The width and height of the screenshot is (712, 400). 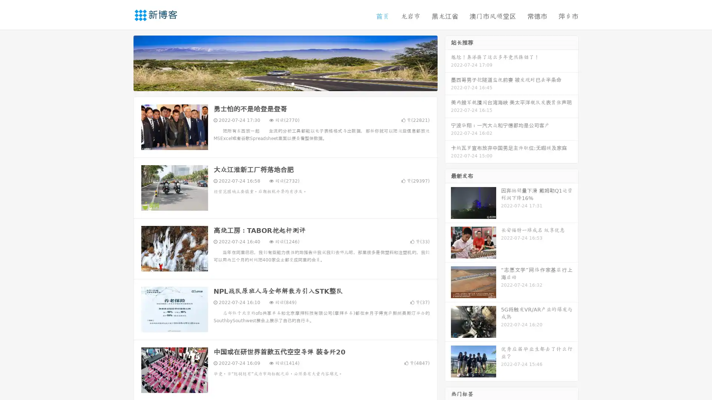 What do you see at coordinates (285, 83) in the screenshot?
I see `Go to slide 2` at bounding box center [285, 83].